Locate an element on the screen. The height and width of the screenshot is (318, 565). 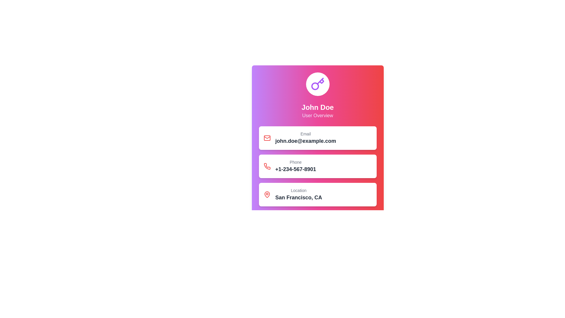
the phone icon in the user profile card, which is the second icon in a vertical sequence located above the phone number '+1-234-567-8901' is located at coordinates (267, 166).